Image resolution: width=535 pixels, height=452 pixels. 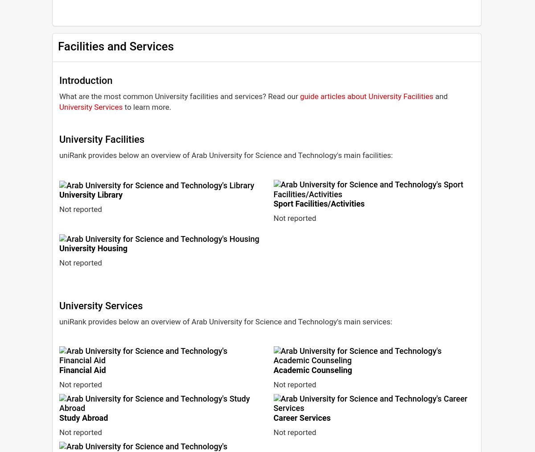 What do you see at coordinates (226, 155) in the screenshot?
I see `'uniRank provides below an overview of Arab University for Science and Technology's main facilities:'` at bounding box center [226, 155].